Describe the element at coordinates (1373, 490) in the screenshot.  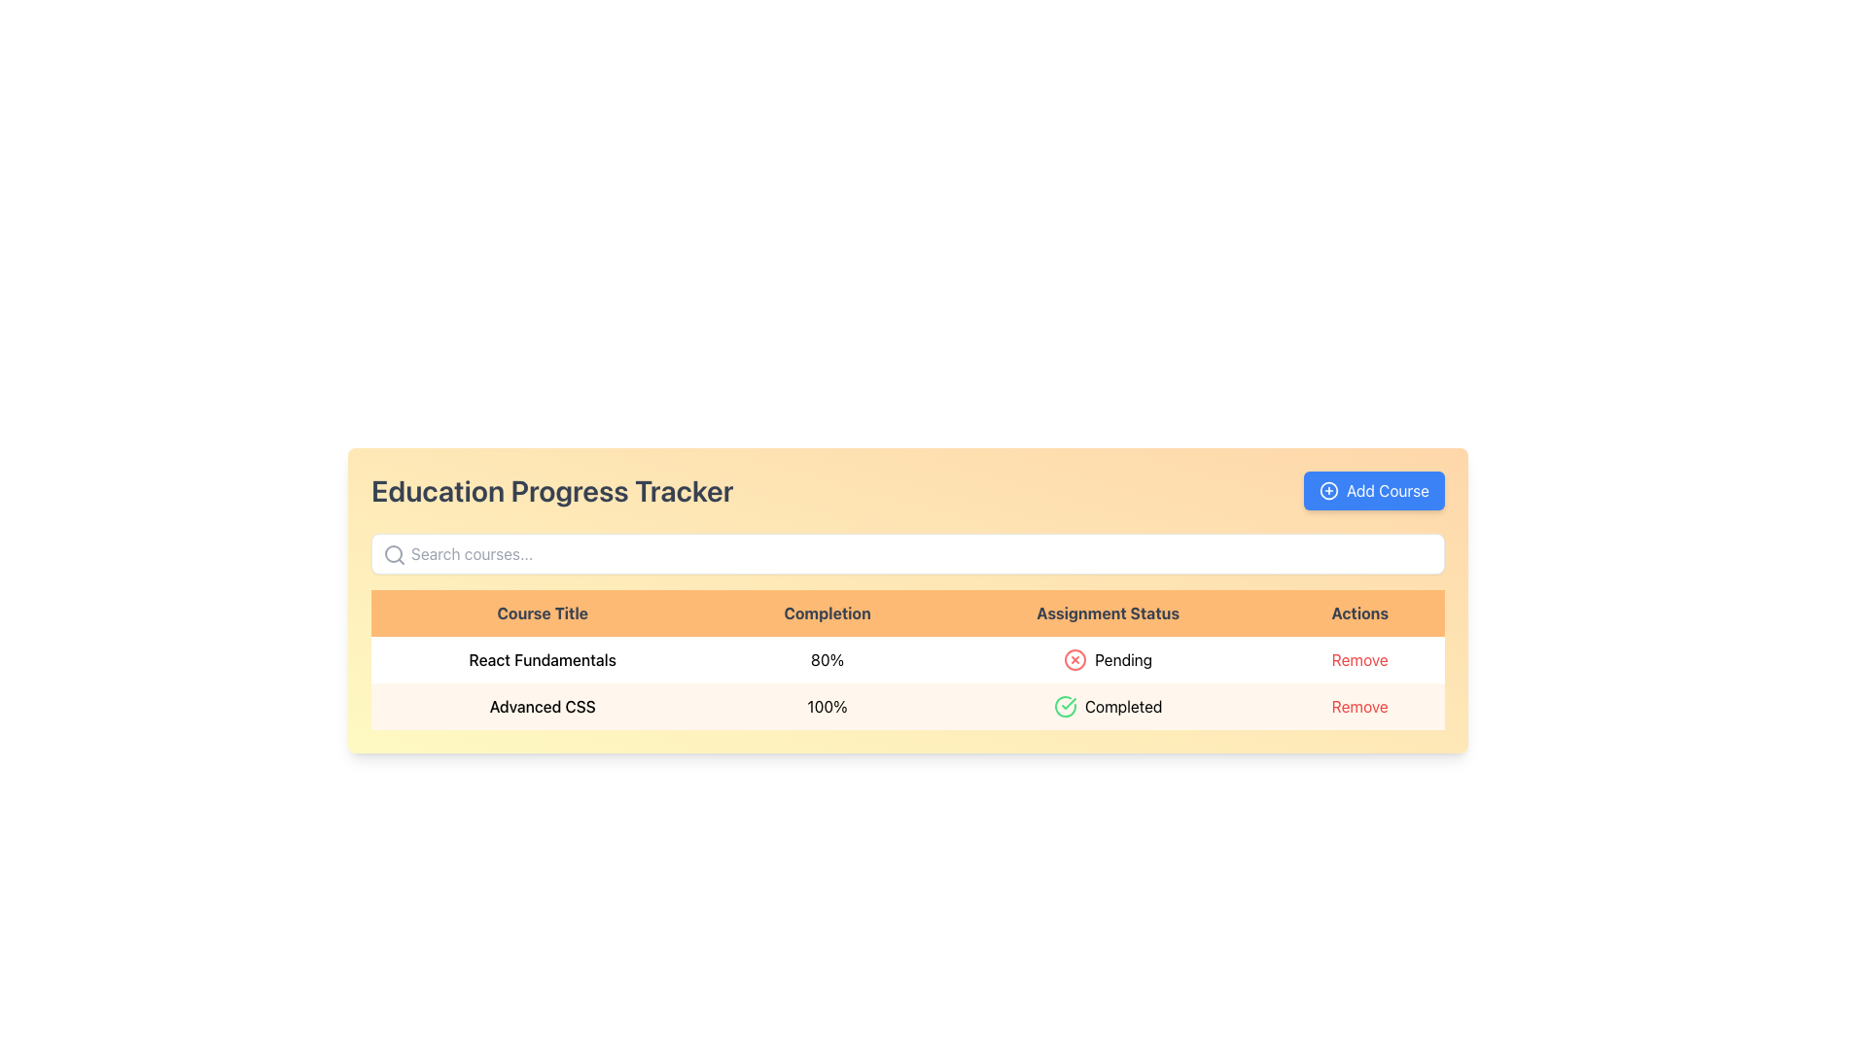
I see `the button located at the top-right corner of the 'Education Progress Tracker' section` at that location.